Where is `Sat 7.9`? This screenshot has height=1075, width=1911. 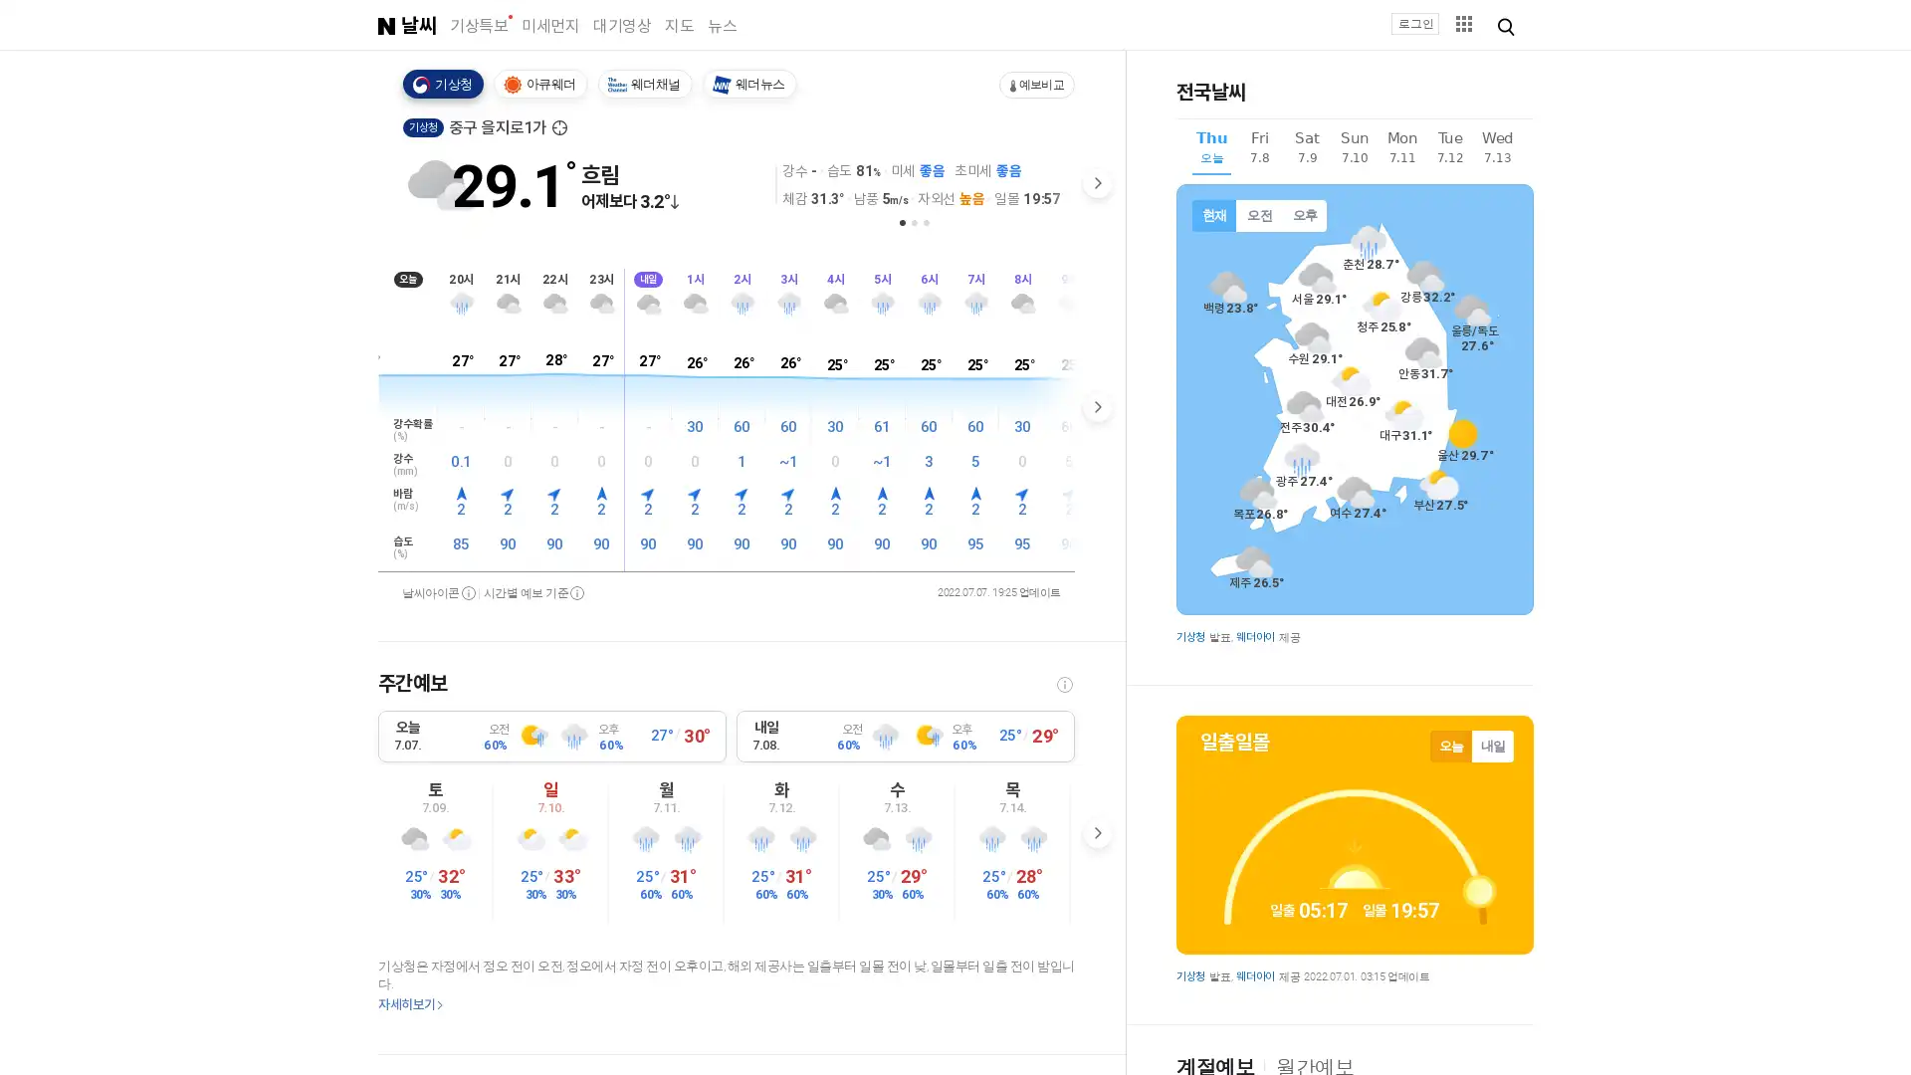
Sat 7.9 is located at coordinates (1307, 149).